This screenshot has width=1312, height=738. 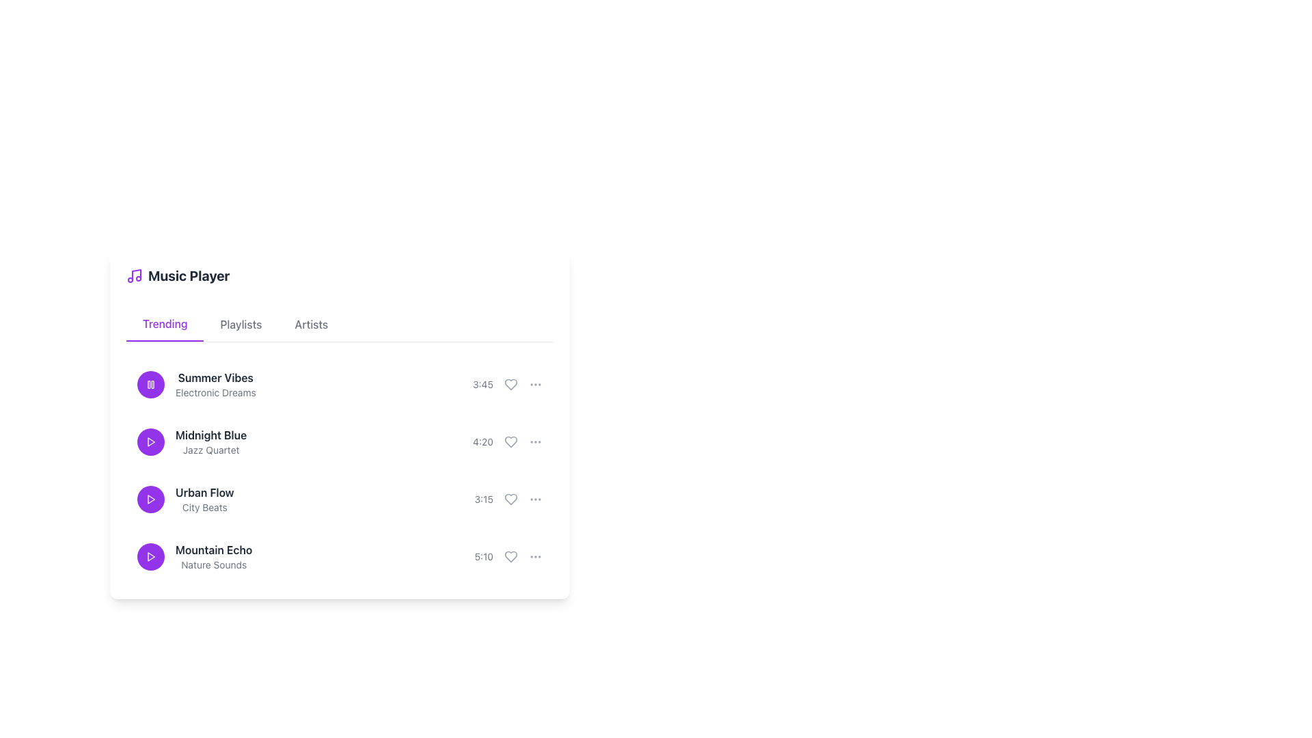 I want to click on the text label reading 'Midnight Blue', which is styled in bold dark gray and is the title of the second entry in the music player list, so click(x=210, y=435).